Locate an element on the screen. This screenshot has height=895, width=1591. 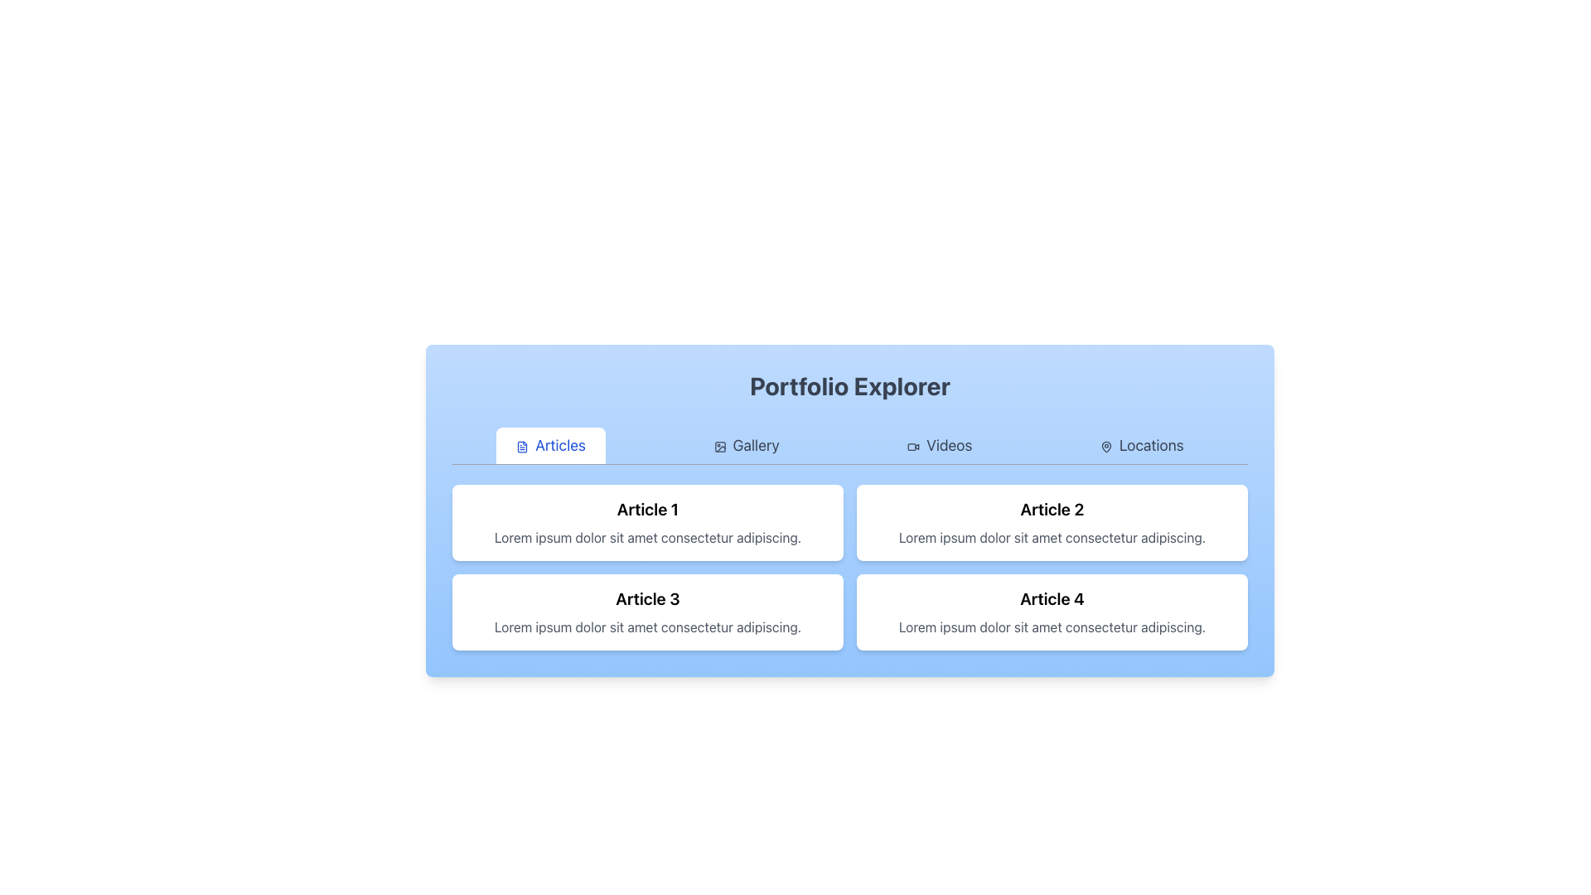
the file icon located in the 'Articles' tab, which features a document-like shape with a folded top-right corner, positioned to the left of the 'Articles' label in the 'Portfolio Explorer' section is located at coordinates (521, 446).